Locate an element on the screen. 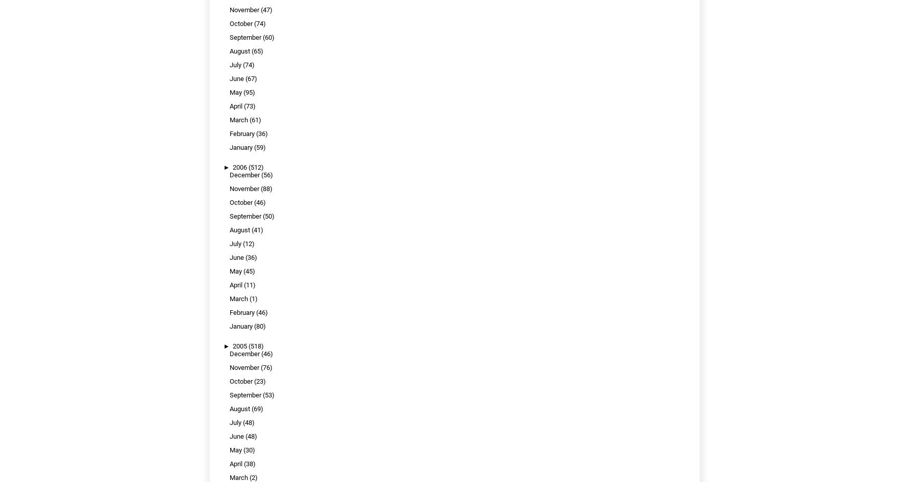  '(59)' is located at coordinates (259, 147).